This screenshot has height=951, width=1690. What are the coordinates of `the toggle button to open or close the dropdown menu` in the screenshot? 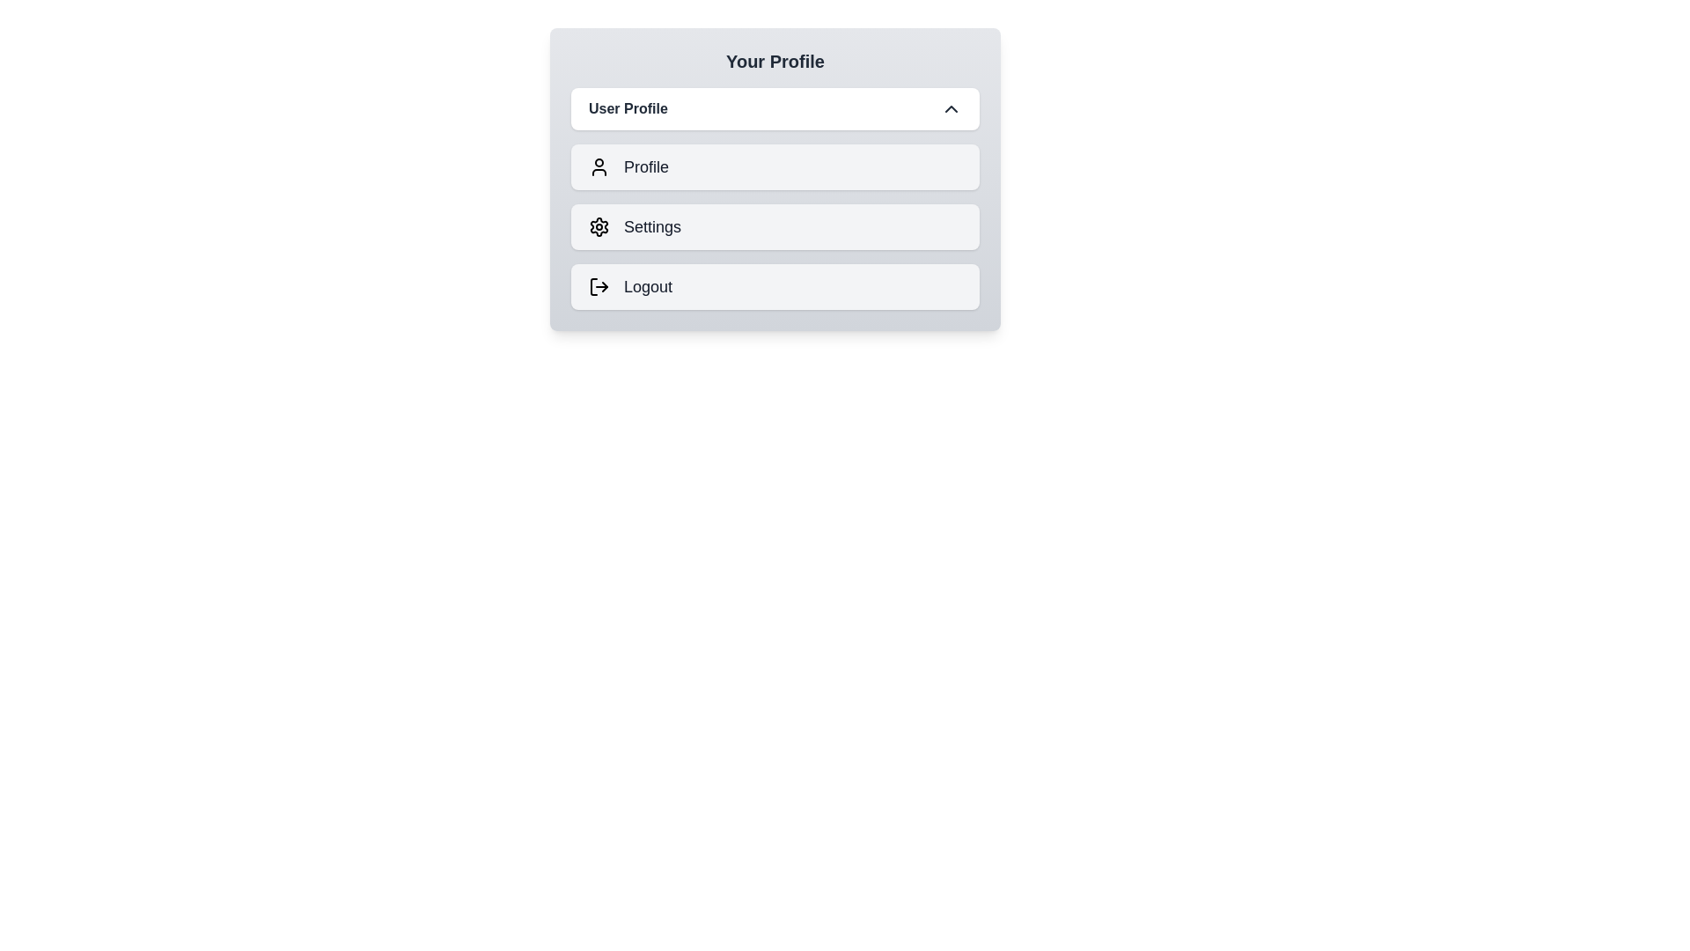 It's located at (775, 108).